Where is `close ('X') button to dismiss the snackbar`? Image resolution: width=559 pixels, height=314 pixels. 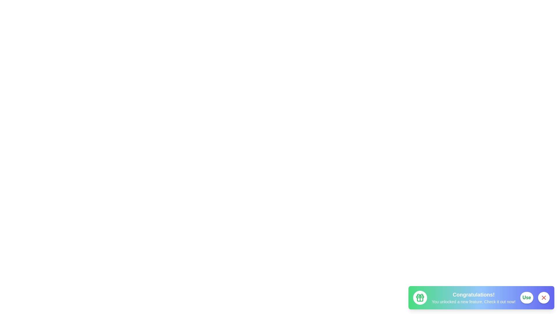
close ('X') button to dismiss the snackbar is located at coordinates (543, 297).